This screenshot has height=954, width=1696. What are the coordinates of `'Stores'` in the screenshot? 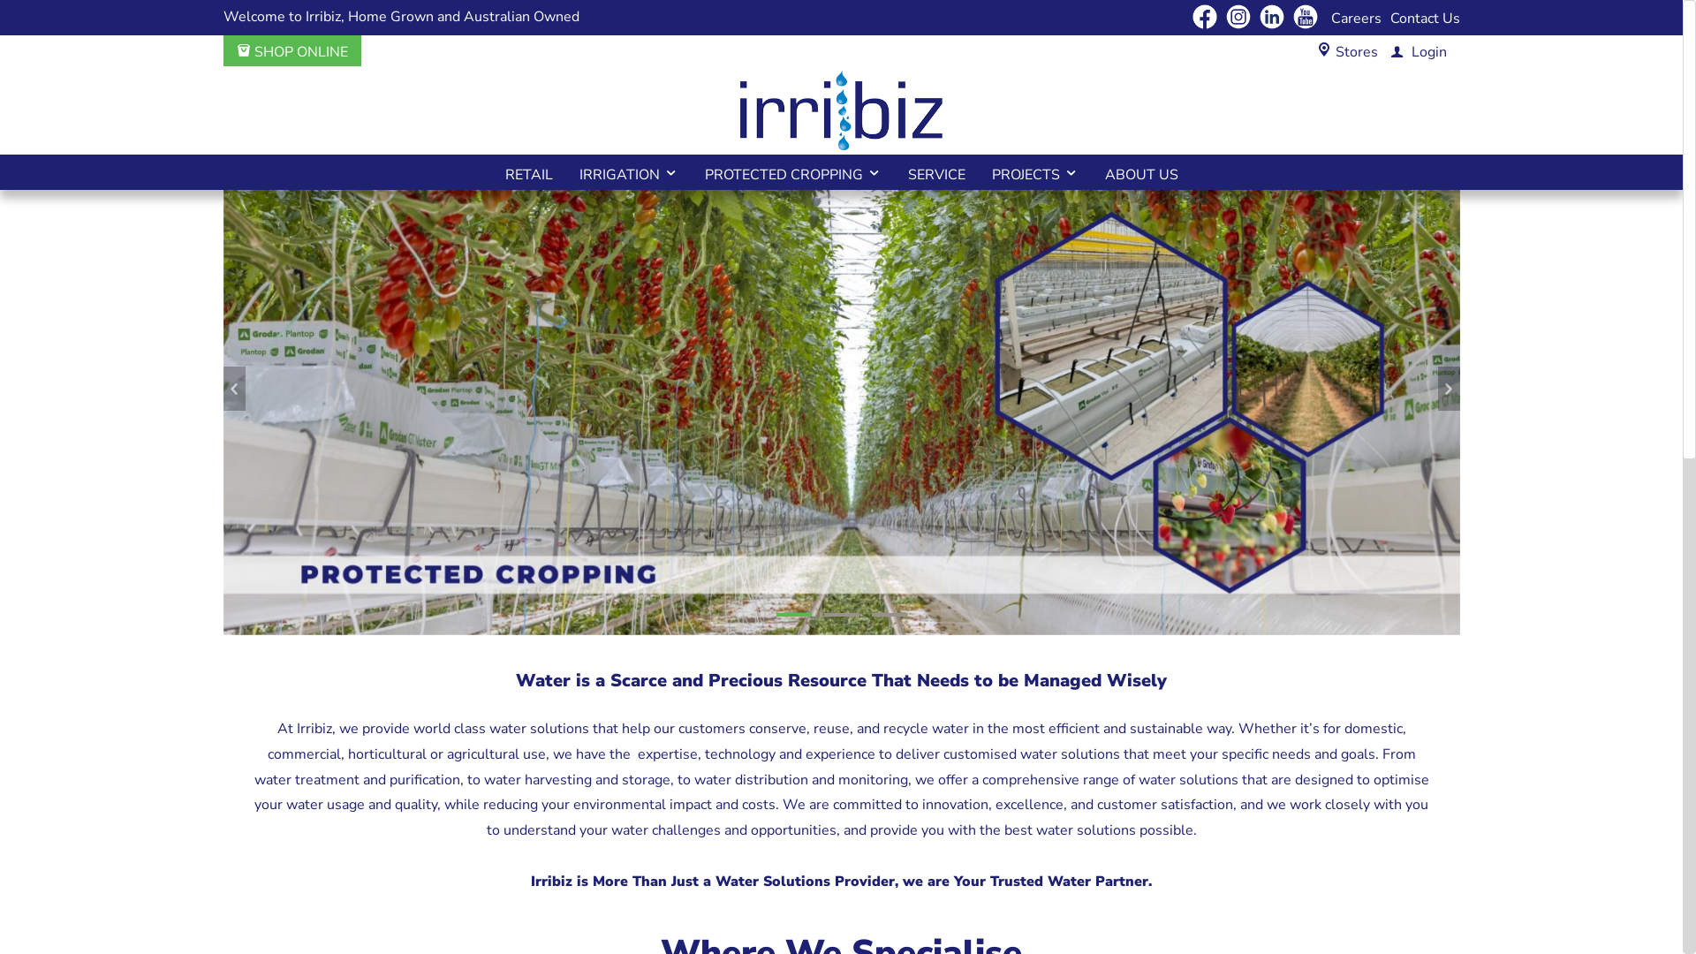 It's located at (1336, 50).